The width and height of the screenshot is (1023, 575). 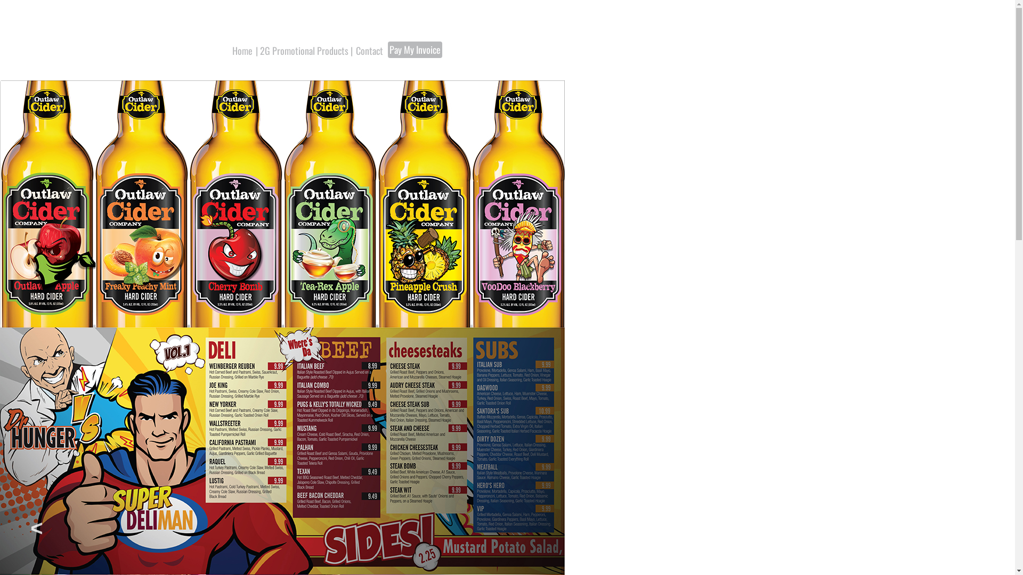 What do you see at coordinates (369, 51) in the screenshot?
I see `'Contact'` at bounding box center [369, 51].